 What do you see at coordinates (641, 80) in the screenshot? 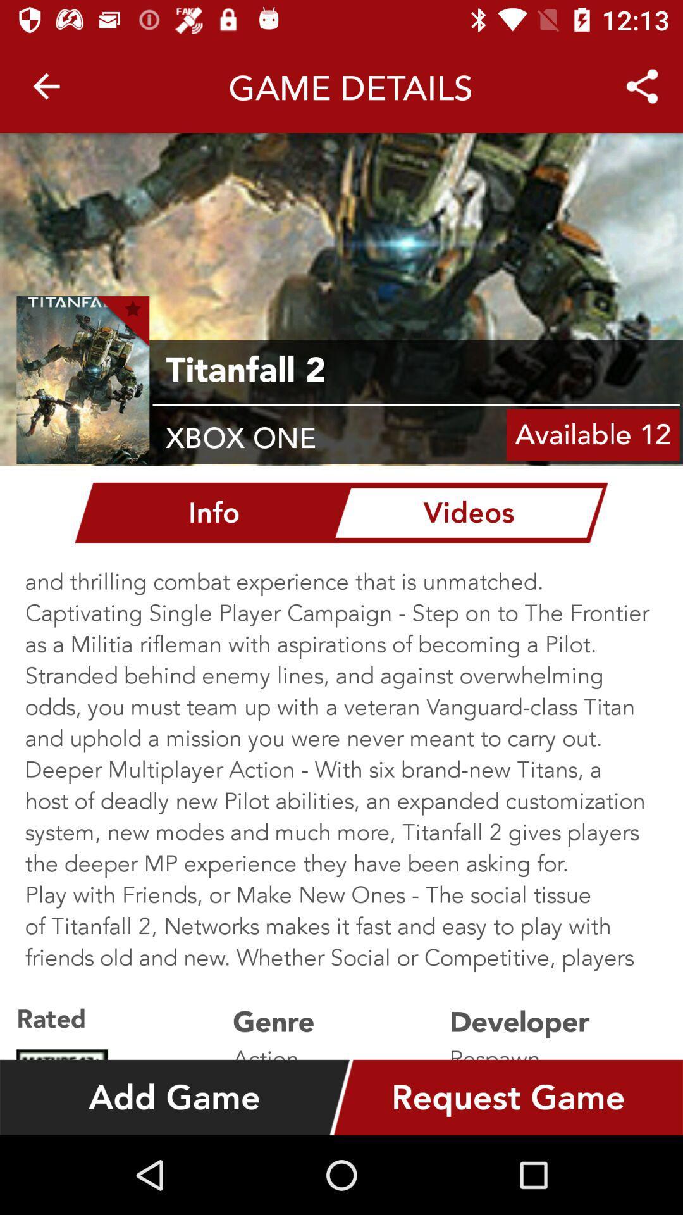
I see `the share icon` at bounding box center [641, 80].